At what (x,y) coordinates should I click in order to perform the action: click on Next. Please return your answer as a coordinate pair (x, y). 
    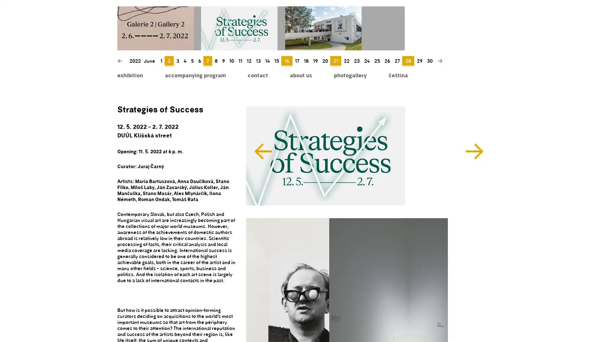
    Looking at the image, I should click on (474, 203).